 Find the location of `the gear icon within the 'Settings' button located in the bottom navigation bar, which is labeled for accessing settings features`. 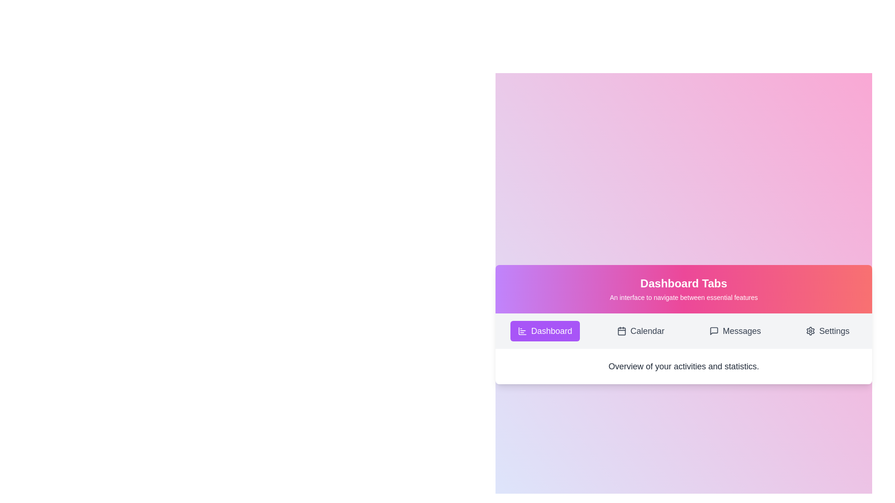

the gear icon within the 'Settings' button located in the bottom navigation bar, which is labeled for accessing settings features is located at coordinates (810, 330).